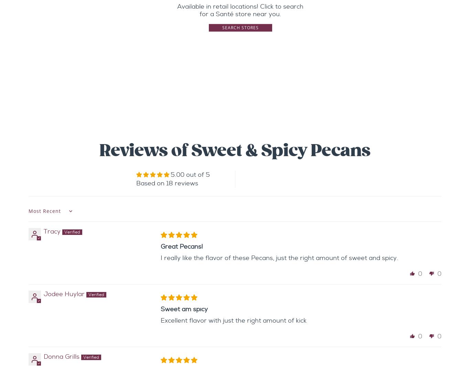 The height and width of the screenshot is (368, 470). I want to click on 'Great Pecans!', so click(161, 246).